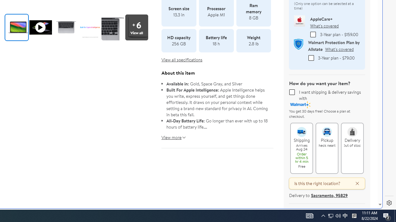 The height and width of the screenshot is (222, 396). Describe the element at coordinates (339, 49) in the screenshot. I see `'What'` at that location.